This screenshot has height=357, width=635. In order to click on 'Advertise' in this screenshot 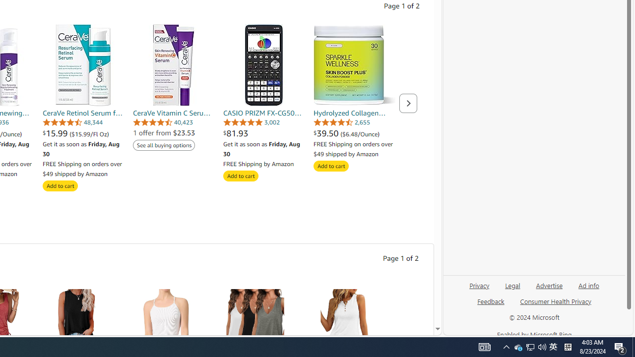, I will do `click(549, 285)`.